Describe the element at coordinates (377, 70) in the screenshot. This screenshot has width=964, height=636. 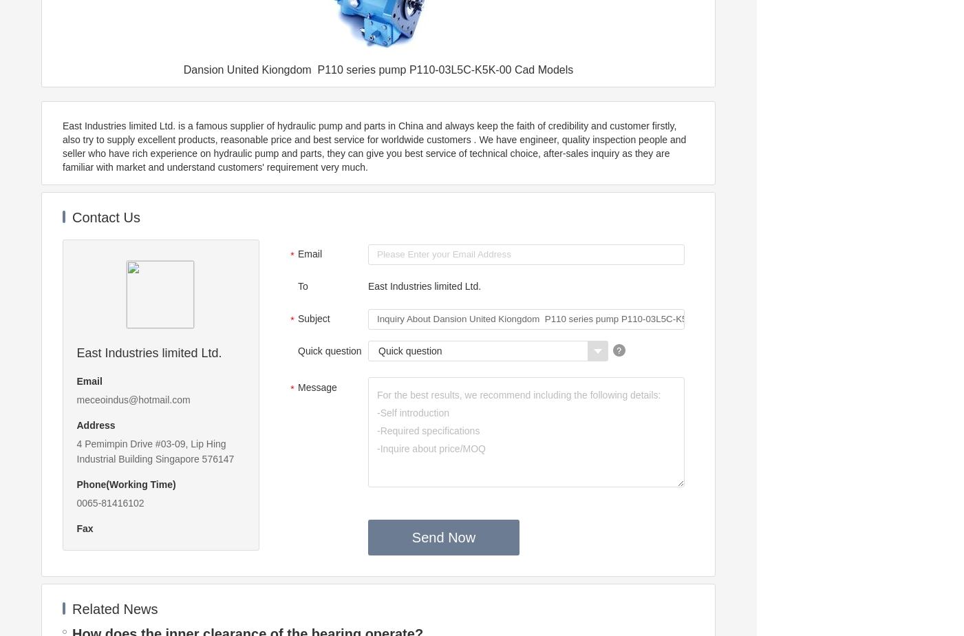
I see `'Dansion United Kiongdom  P110 series pump P110-03L5C-K5K-00 Cad Models'` at that location.